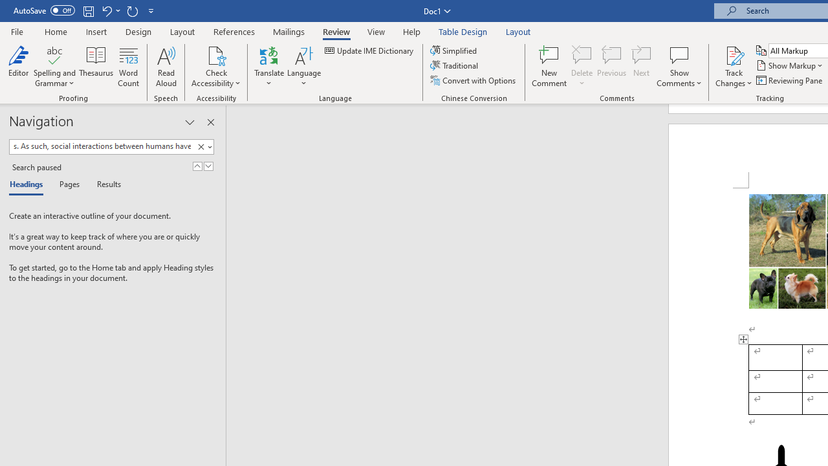 The height and width of the screenshot is (466, 828). Describe the element at coordinates (216, 67) in the screenshot. I see `'Check Accessibility'` at that location.